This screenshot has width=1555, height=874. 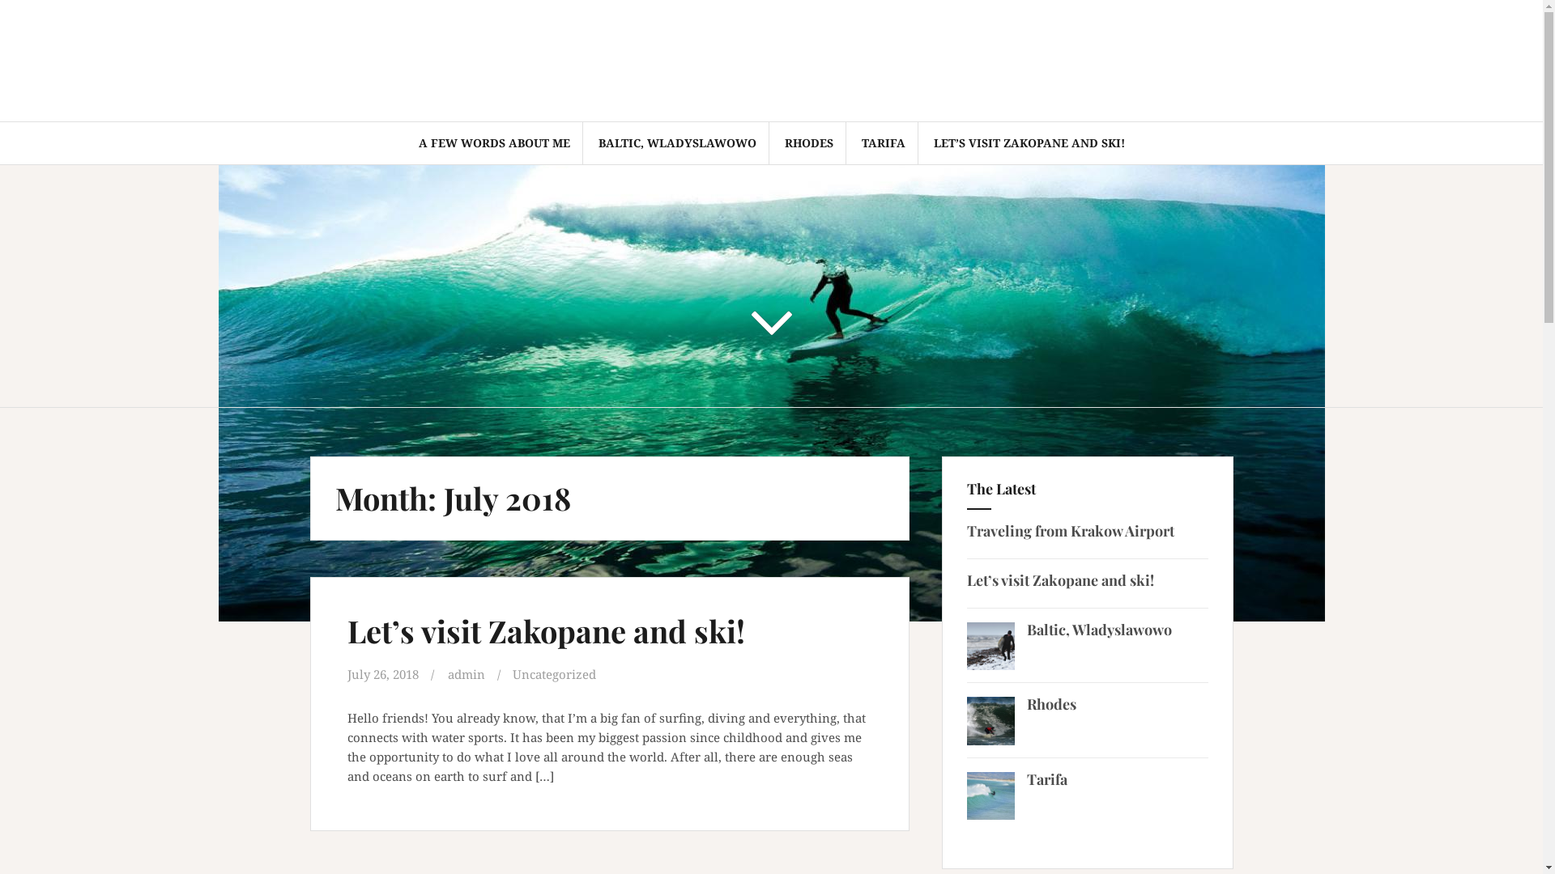 I want to click on 'TARIFA', so click(x=882, y=142).